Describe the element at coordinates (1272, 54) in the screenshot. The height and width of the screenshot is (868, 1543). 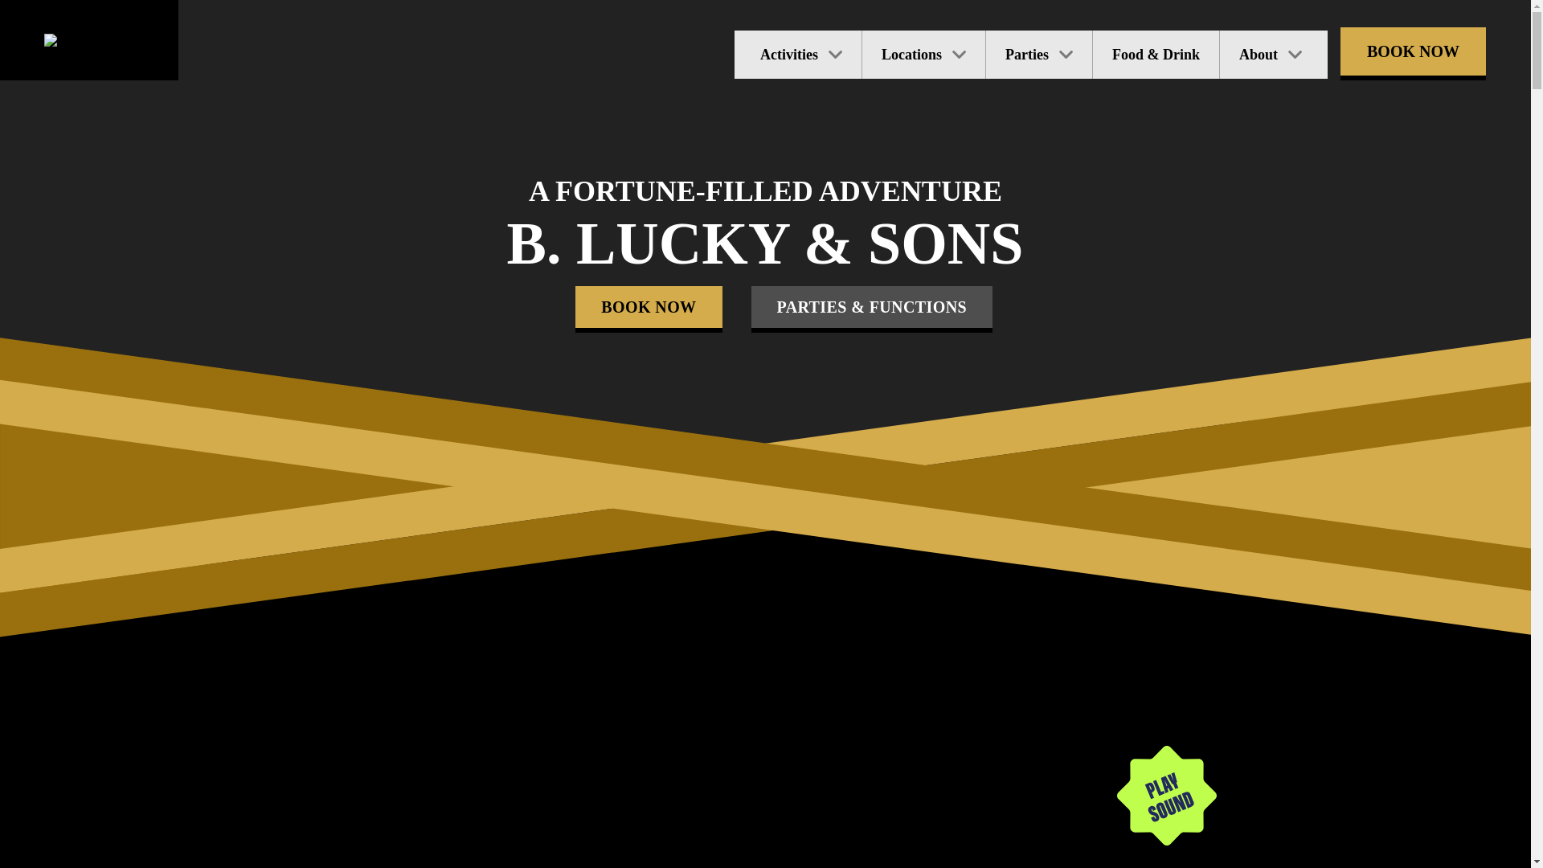
I see `'About'` at that location.